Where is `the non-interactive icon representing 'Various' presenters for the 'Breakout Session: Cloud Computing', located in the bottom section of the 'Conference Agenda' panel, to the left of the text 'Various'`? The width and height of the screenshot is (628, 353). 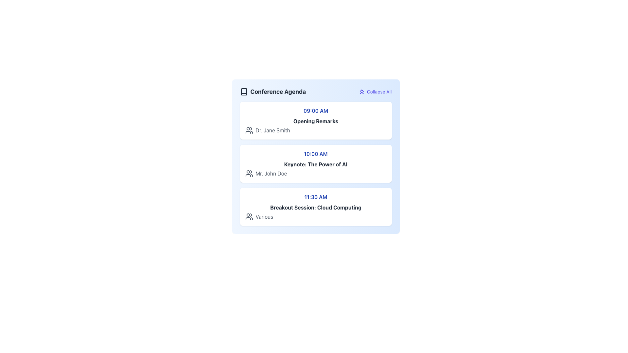
the non-interactive icon representing 'Various' presenters for the 'Breakout Session: Cloud Computing', located in the bottom section of the 'Conference Agenda' panel, to the left of the text 'Various' is located at coordinates (249, 217).